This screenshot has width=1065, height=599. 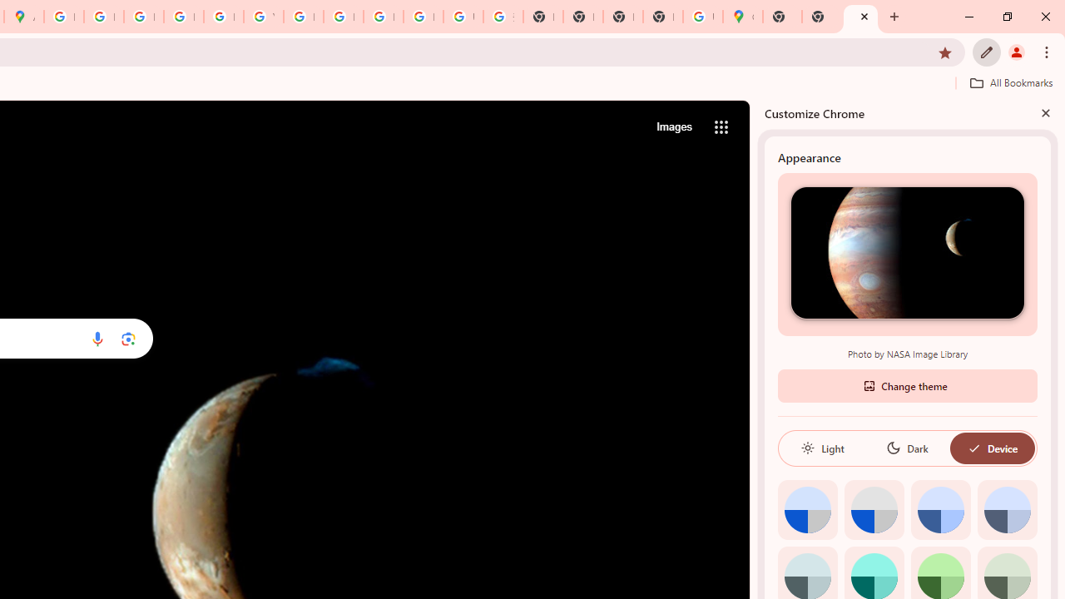 I want to click on 'Privacy Help Center - Policies Help', so click(x=143, y=17).